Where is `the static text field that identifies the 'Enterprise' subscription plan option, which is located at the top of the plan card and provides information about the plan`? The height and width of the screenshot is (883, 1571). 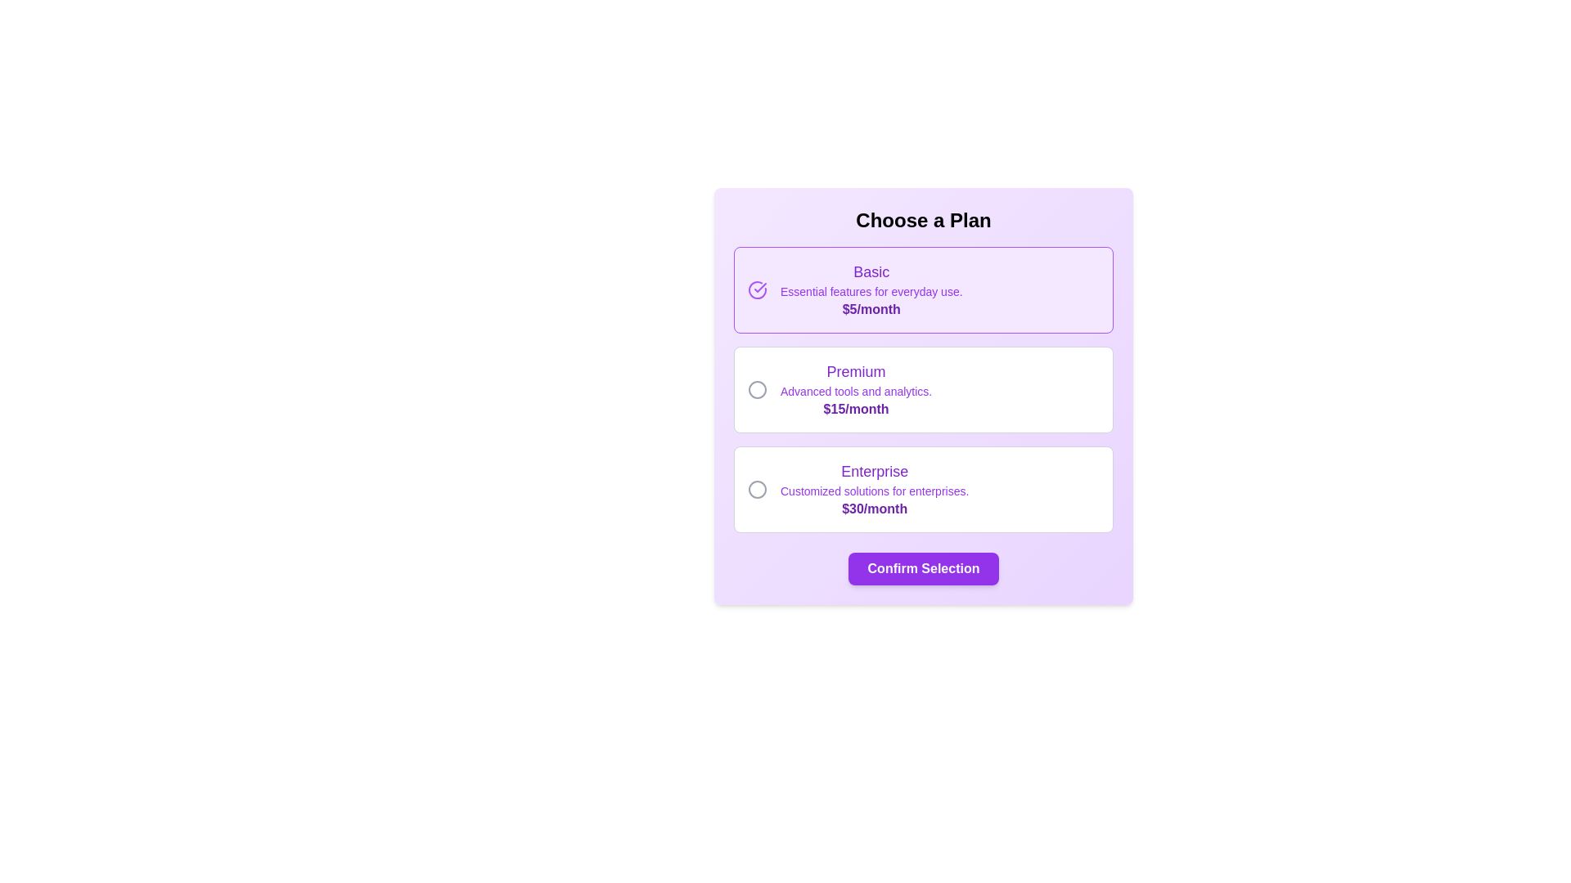
the static text field that identifies the 'Enterprise' subscription plan option, which is located at the top of the plan card and provides information about the plan is located at coordinates (874, 472).